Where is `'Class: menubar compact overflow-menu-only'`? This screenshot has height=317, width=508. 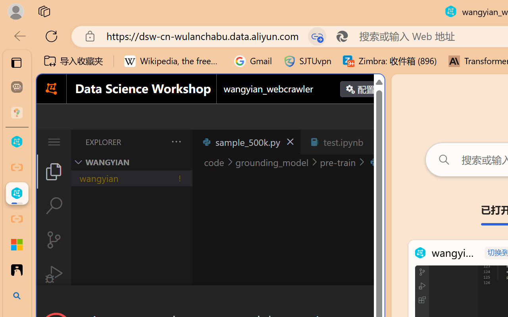
'Class: menubar compact overflow-menu-only' is located at coordinates (53, 142).